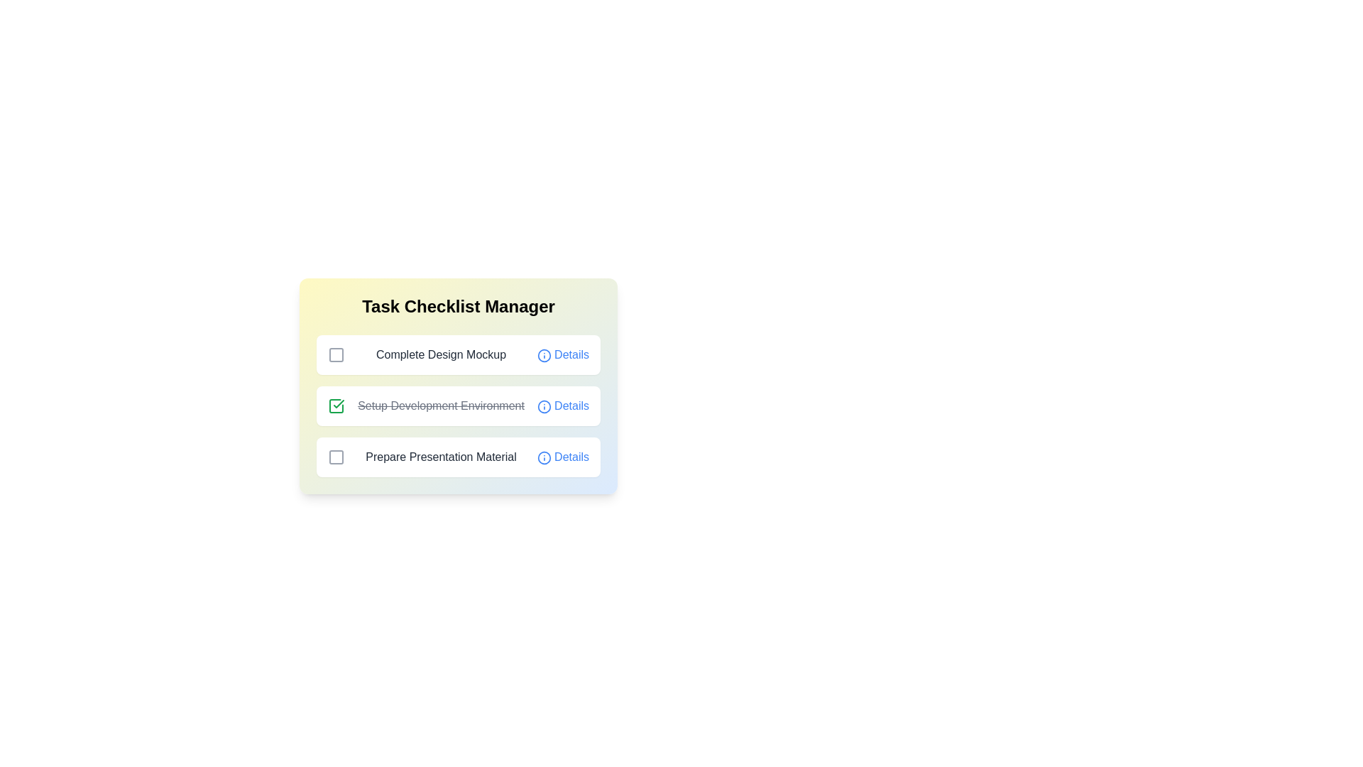  Describe the element at coordinates (336, 457) in the screenshot. I see `the checkbox of the task identified by Prepare Presentation Material` at that location.